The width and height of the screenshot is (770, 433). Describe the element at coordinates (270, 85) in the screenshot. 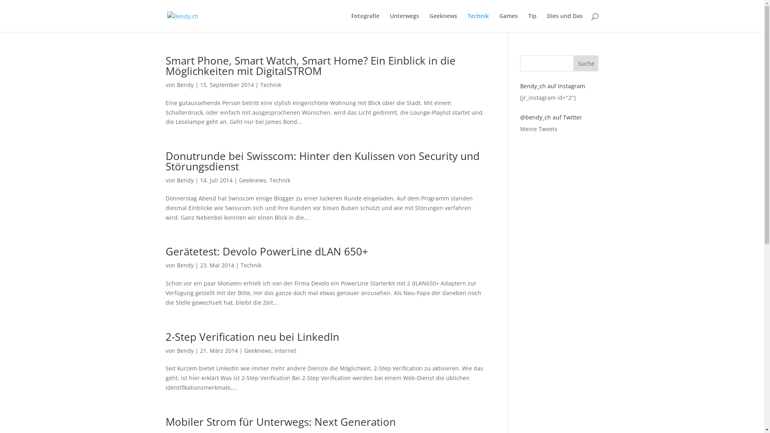

I see `'Technik'` at that location.